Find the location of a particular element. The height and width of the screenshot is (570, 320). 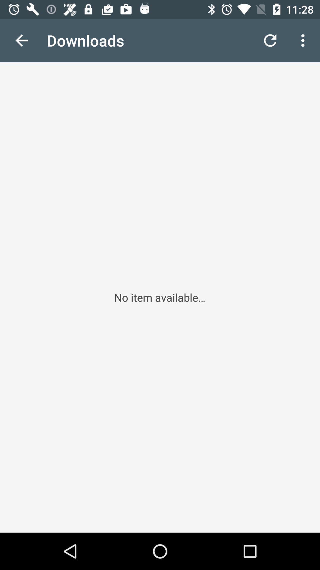

app next to downloads icon is located at coordinates (21, 40).